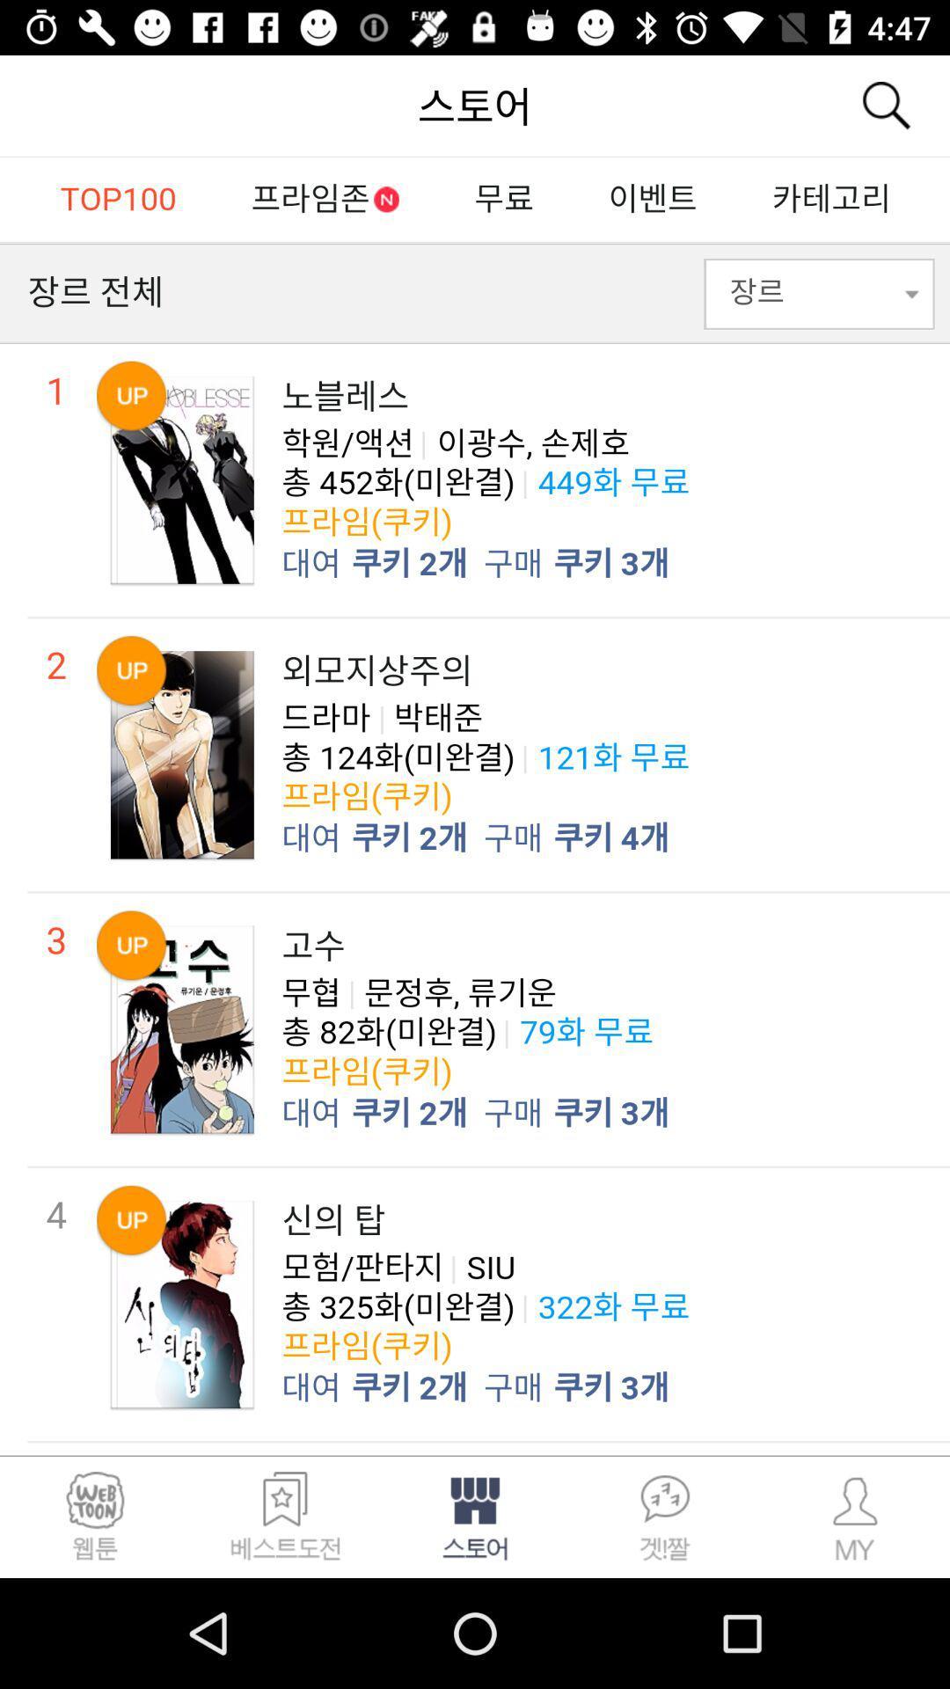 The width and height of the screenshot is (950, 1689). What do you see at coordinates (95, 1516) in the screenshot?
I see `the emoji icon` at bounding box center [95, 1516].